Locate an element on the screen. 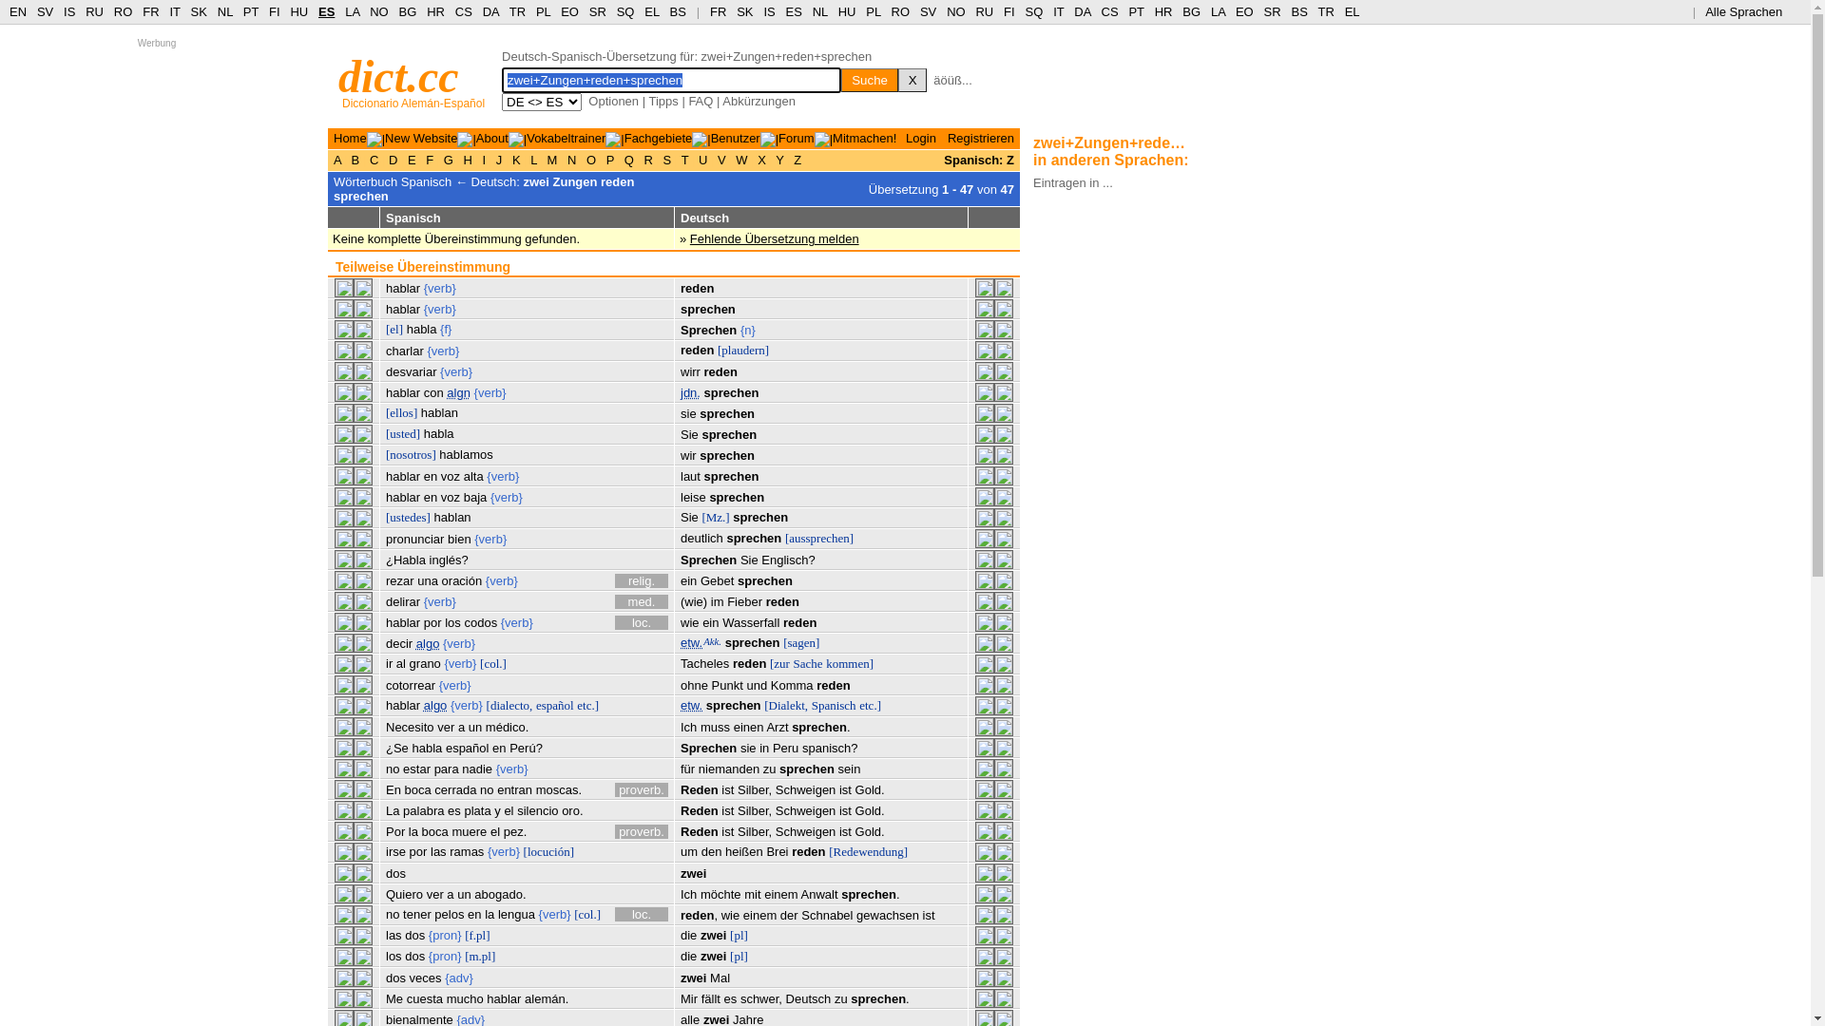 The width and height of the screenshot is (1825, 1026). 'sprechen.' is located at coordinates (820, 727).